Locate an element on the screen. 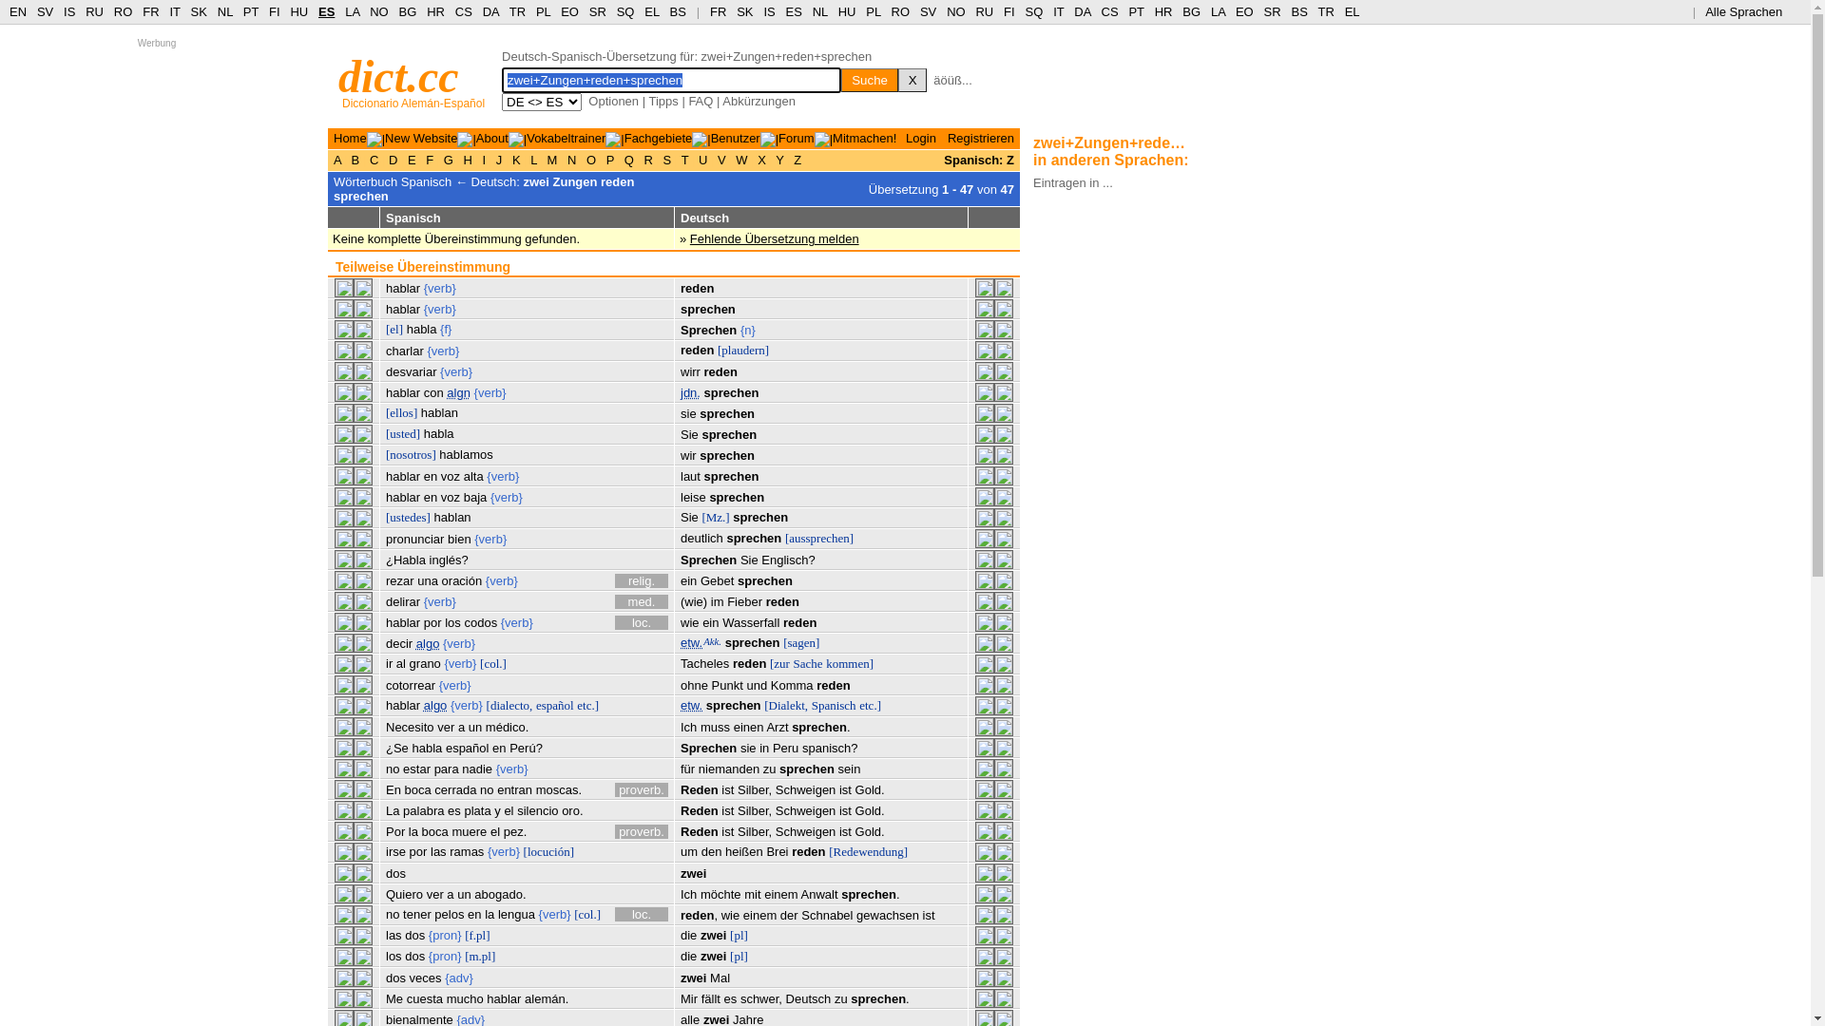 The width and height of the screenshot is (1825, 1026). 'sprechen.' is located at coordinates (820, 727).